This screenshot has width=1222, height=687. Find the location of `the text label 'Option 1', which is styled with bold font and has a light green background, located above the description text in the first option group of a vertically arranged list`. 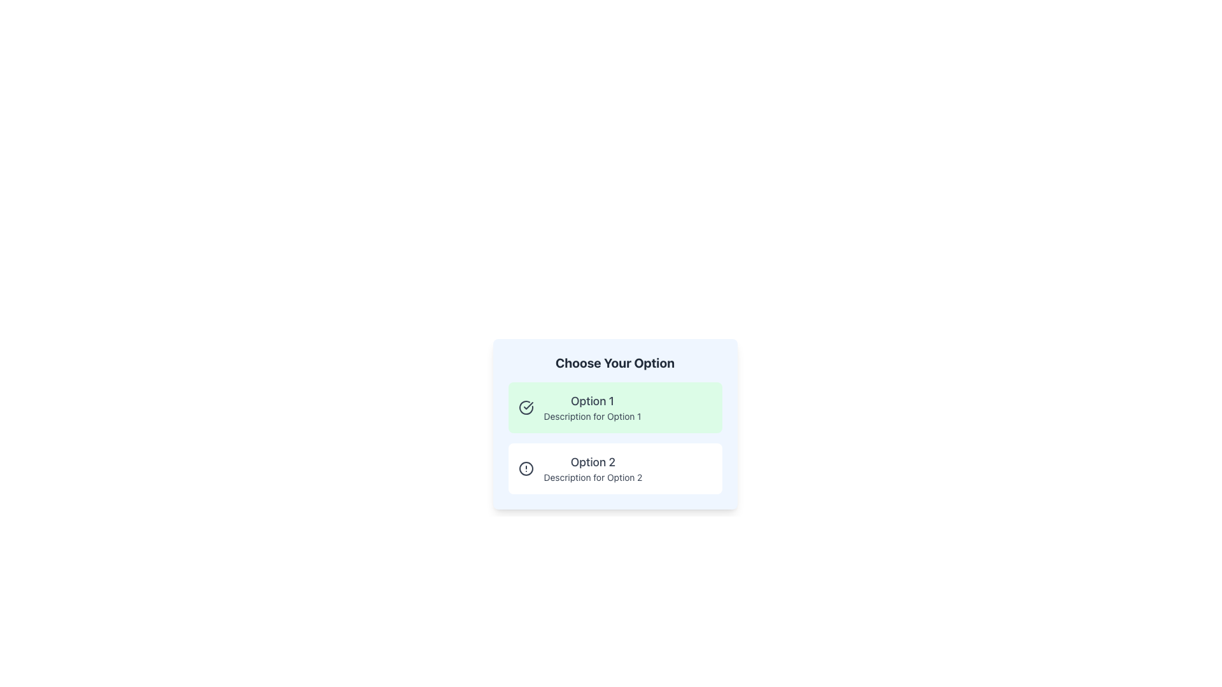

the text label 'Option 1', which is styled with bold font and has a light green background, located above the description text in the first option group of a vertically arranged list is located at coordinates (592, 401).